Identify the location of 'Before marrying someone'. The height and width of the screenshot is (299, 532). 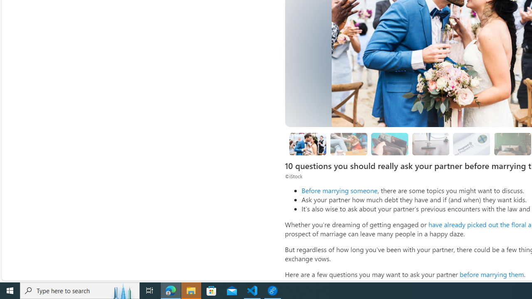
(339, 190).